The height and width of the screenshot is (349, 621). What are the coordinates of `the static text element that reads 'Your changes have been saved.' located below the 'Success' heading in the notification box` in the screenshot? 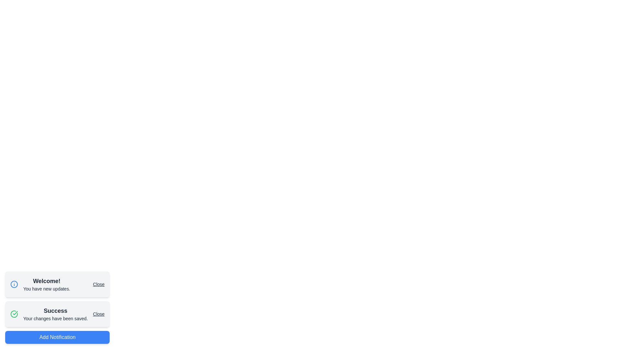 It's located at (55, 318).